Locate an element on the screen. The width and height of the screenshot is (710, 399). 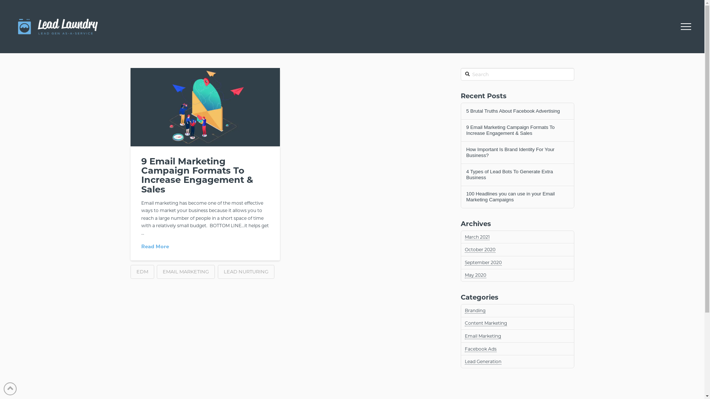
'100 Headlines you can use in your Email Marketing Campaigns' is located at coordinates (517, 196).